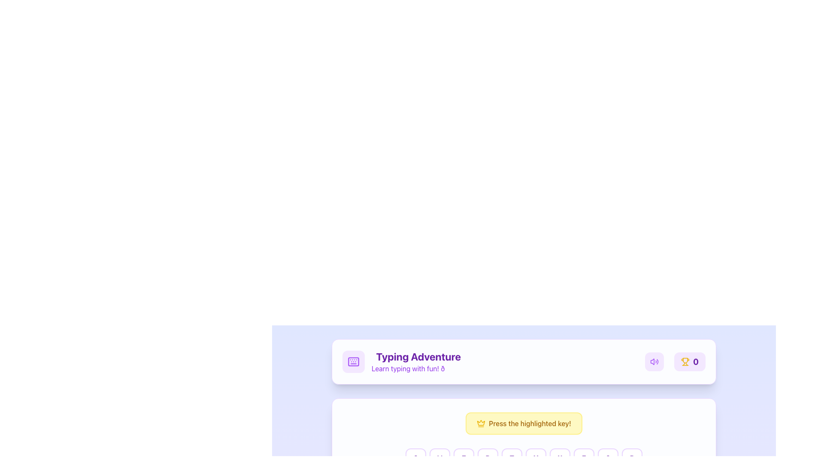 This screenshot has width=824, height=463. Describe the element at coordinates (523, 423) in the screenshot. I see `informative text element that displays 'Press the highlighted key!' with a yellow crown icon, located in the middle of the interface` at that location.